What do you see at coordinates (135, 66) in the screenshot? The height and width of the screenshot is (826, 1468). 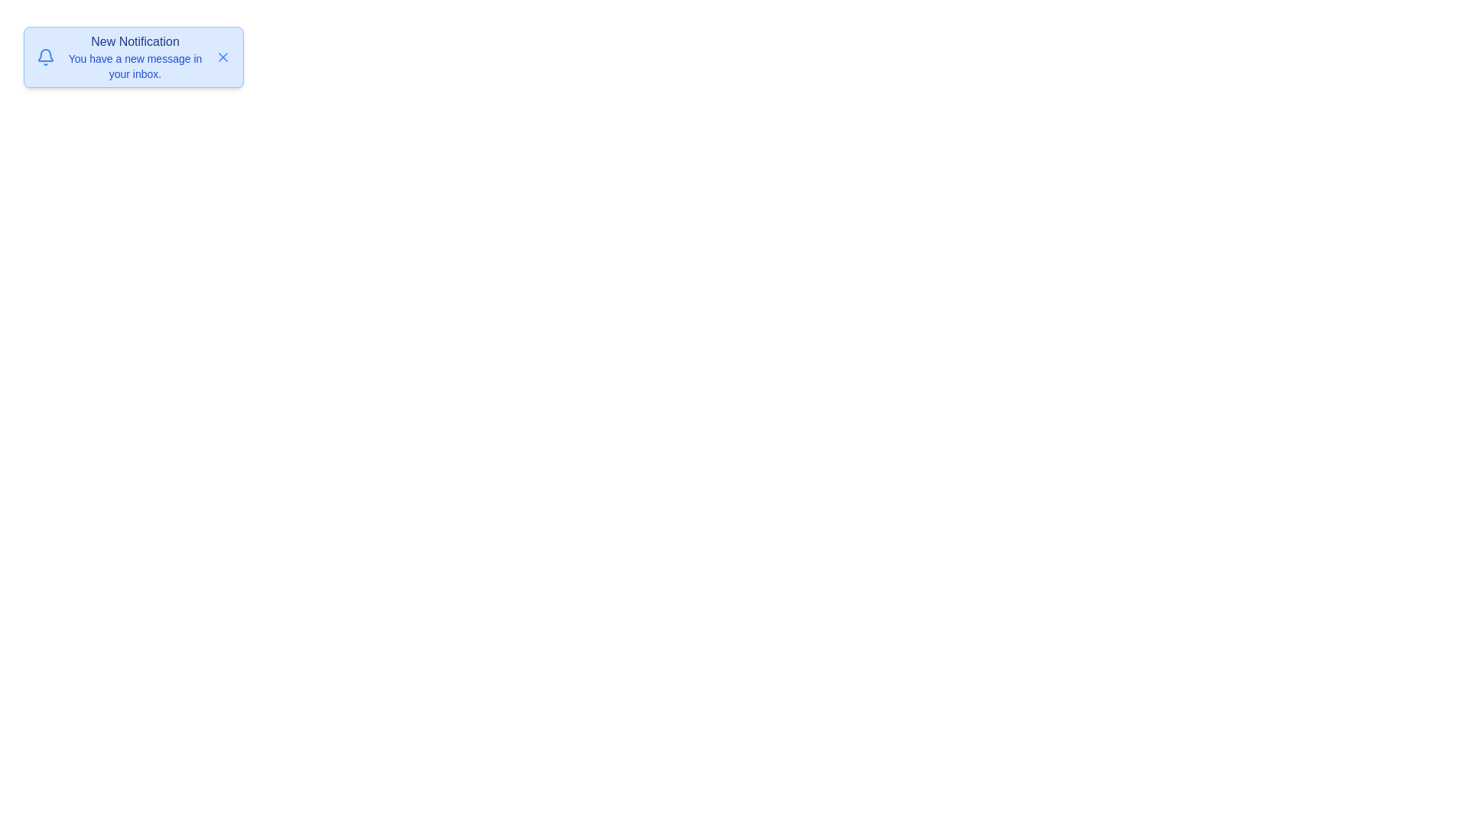 I see `the text element stating 'You have a new message in your inbox.' located in the notification pane` at bounding box center [135, 66].